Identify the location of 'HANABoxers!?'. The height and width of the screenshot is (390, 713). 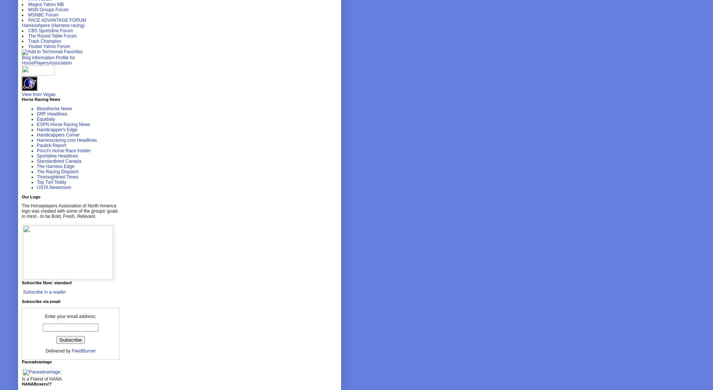
(36, 384).